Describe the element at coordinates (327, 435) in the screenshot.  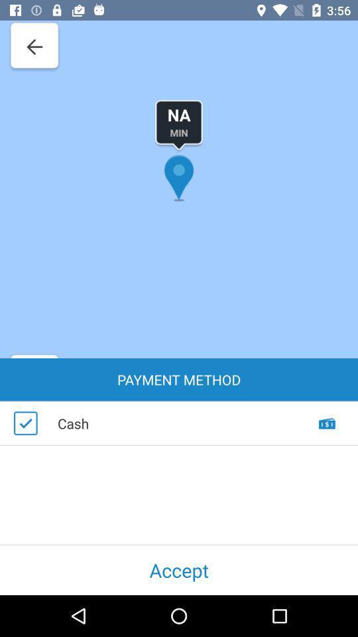
I see `the icon which is after the cash` at that location.